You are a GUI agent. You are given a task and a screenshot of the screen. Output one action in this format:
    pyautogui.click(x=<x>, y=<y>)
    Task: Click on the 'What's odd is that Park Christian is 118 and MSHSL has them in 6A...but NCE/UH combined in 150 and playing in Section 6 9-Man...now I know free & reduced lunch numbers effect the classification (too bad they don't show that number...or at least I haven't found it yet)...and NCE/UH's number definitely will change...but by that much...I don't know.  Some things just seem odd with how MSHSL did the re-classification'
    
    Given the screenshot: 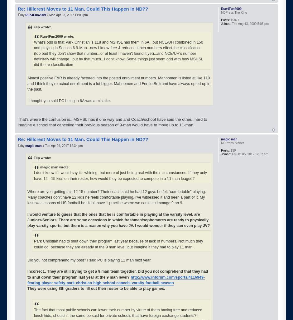 What is the action you would take?
    pyautogui.click(x=118, y=53)
    